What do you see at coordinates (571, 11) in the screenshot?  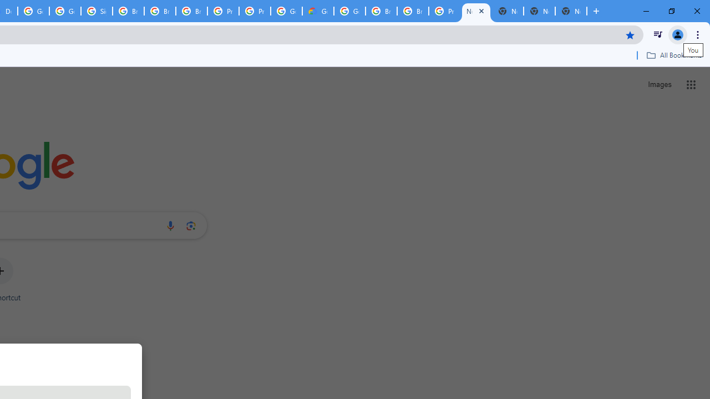 I see `'New Tab'` at bounding box center [571, 11].